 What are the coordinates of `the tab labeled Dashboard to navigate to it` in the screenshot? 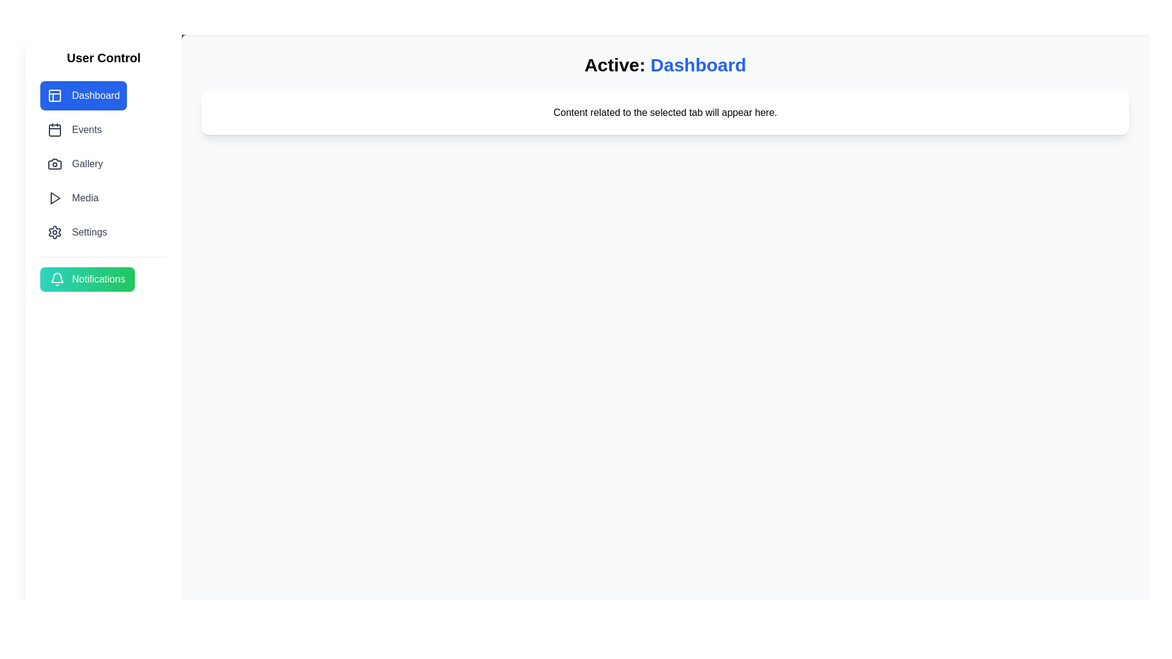 It's located at (83, 95).